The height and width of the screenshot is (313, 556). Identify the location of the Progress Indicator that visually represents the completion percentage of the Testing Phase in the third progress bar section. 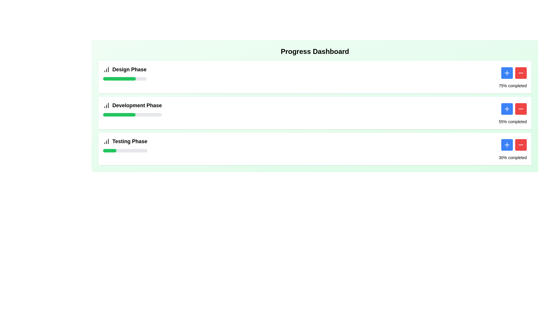
(109, 150).